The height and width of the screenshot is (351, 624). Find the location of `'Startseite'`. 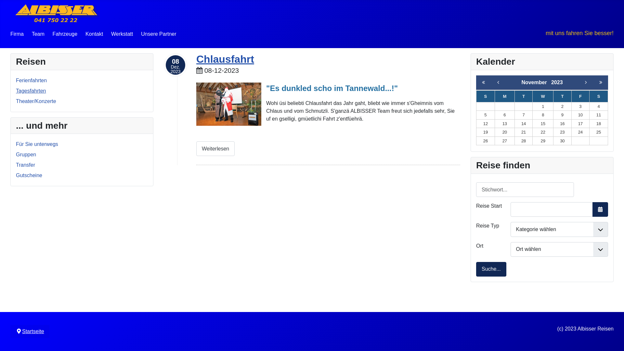

'Startseite' is located at coordinates (32, 331).